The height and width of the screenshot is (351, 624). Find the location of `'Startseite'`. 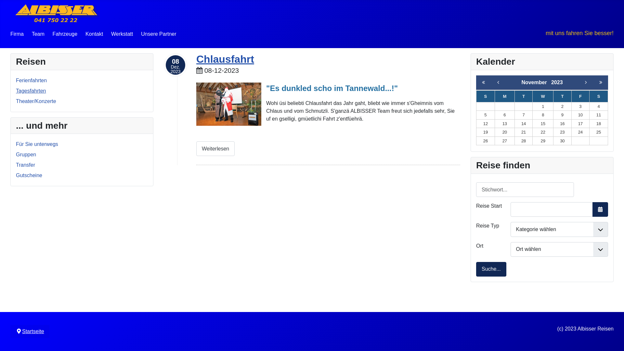

'Startseite' is located at coordinates (32, 331).